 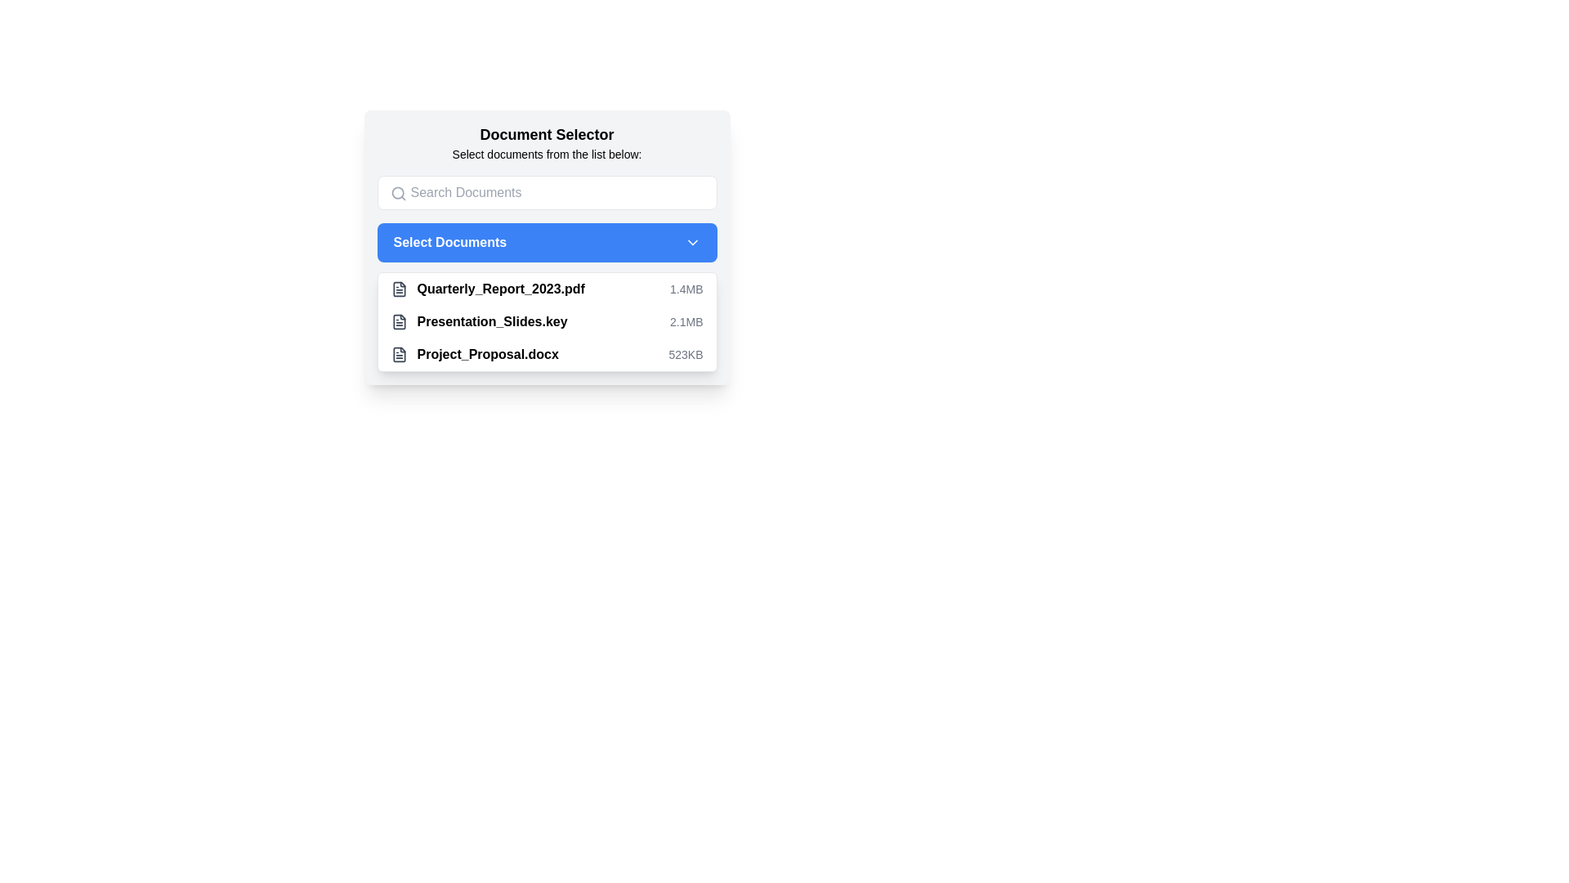 What do you see at coordinates (547, 289) in the screenshot?
I see `the first list item entry displaying the file name 'Quarterly_Report_2023.pdf'` at bounding box center [547, 289].